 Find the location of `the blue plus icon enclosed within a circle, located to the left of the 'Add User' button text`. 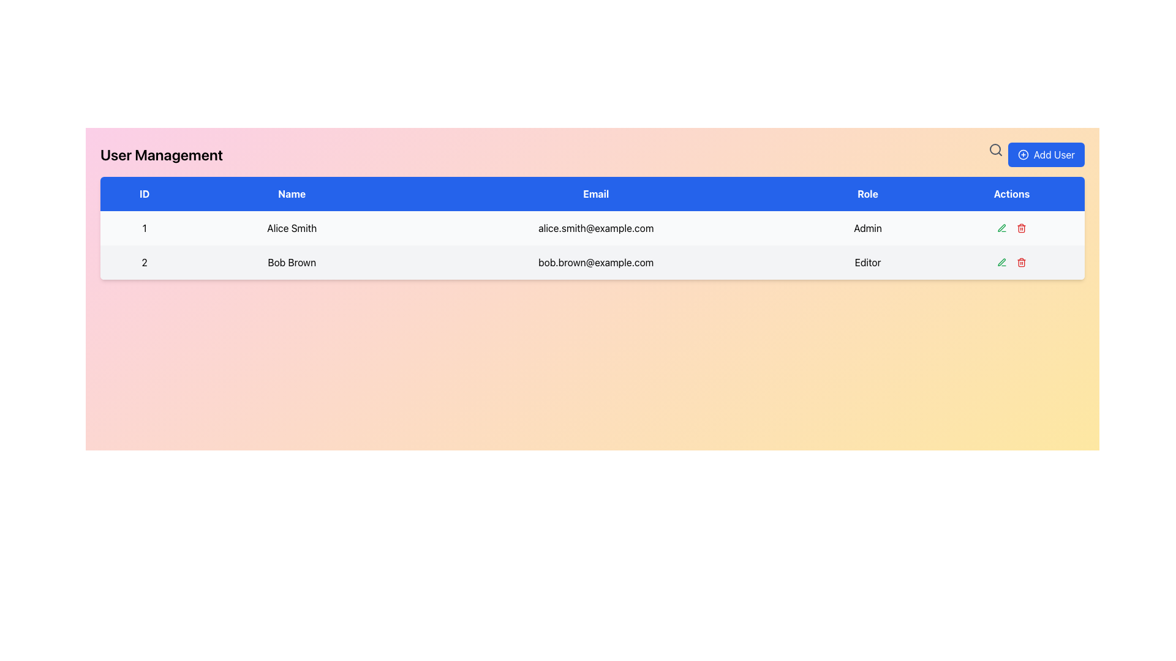

the blue plus icon enclosed within a circle, located to the left of the 'Add User' button text is located at coordinates (1023, 154).